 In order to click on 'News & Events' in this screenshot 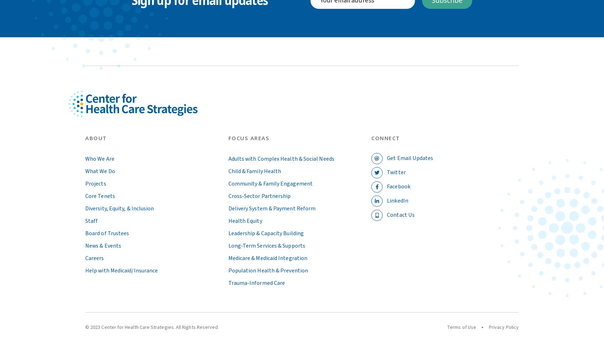, I will do `click(85, 245)`.